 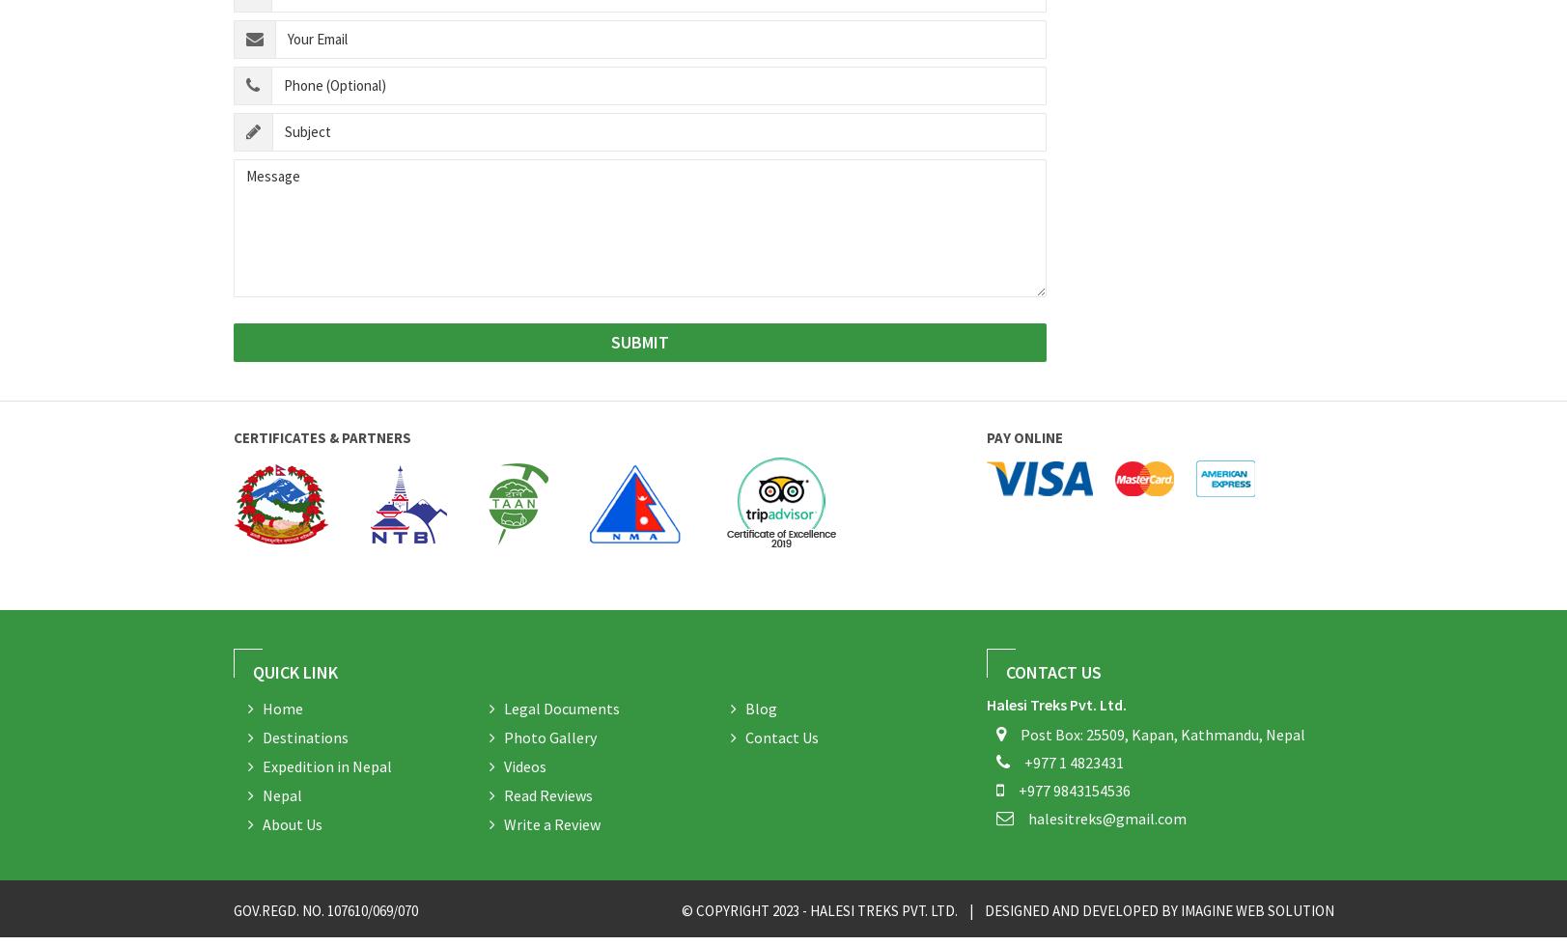 What do you see at coordinates (1073, 790) in the screenshot?
I see `'+977 9843154536'` at bounding box center [1073, 790].